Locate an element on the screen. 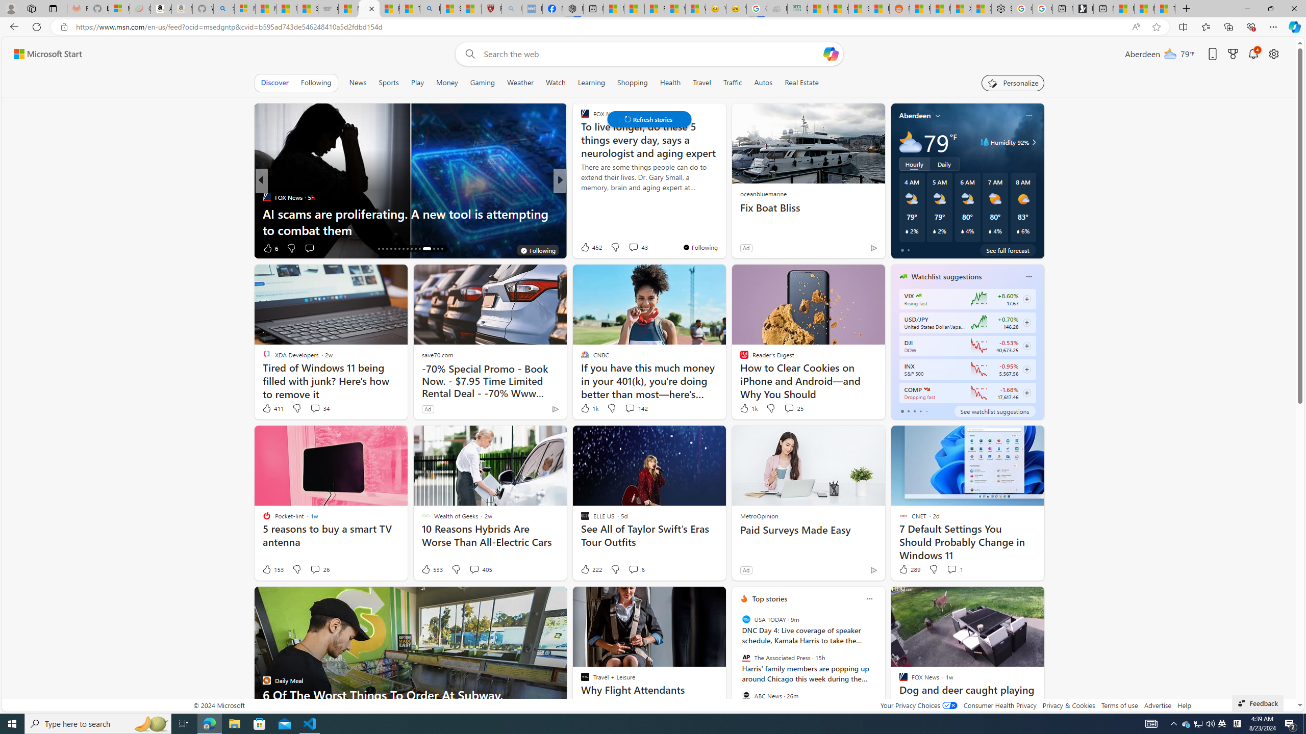 The width and height of the screenshot is (1306, 734). 'AutomationID: tab-25' is located at coordinates (415, 248).